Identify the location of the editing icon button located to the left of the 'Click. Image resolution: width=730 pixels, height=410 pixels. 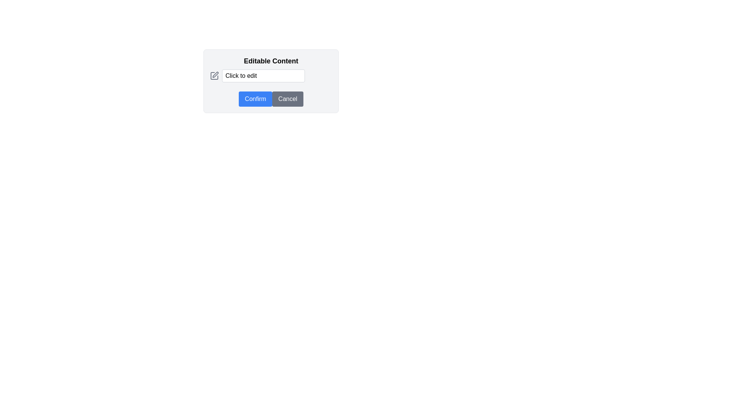
(214, 76).